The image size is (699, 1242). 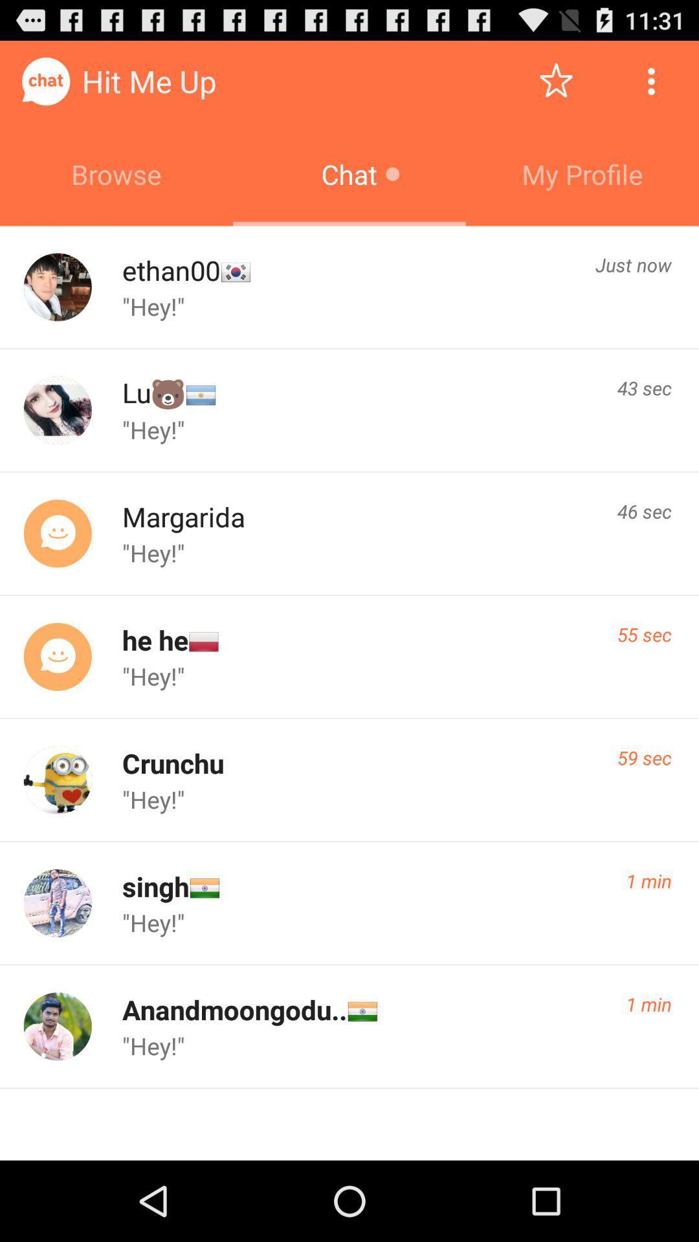 What do you see at coordinates (155, 886) in the screenshot?
I see `icon above the "hey!" app` at bounding box center [155, 886].